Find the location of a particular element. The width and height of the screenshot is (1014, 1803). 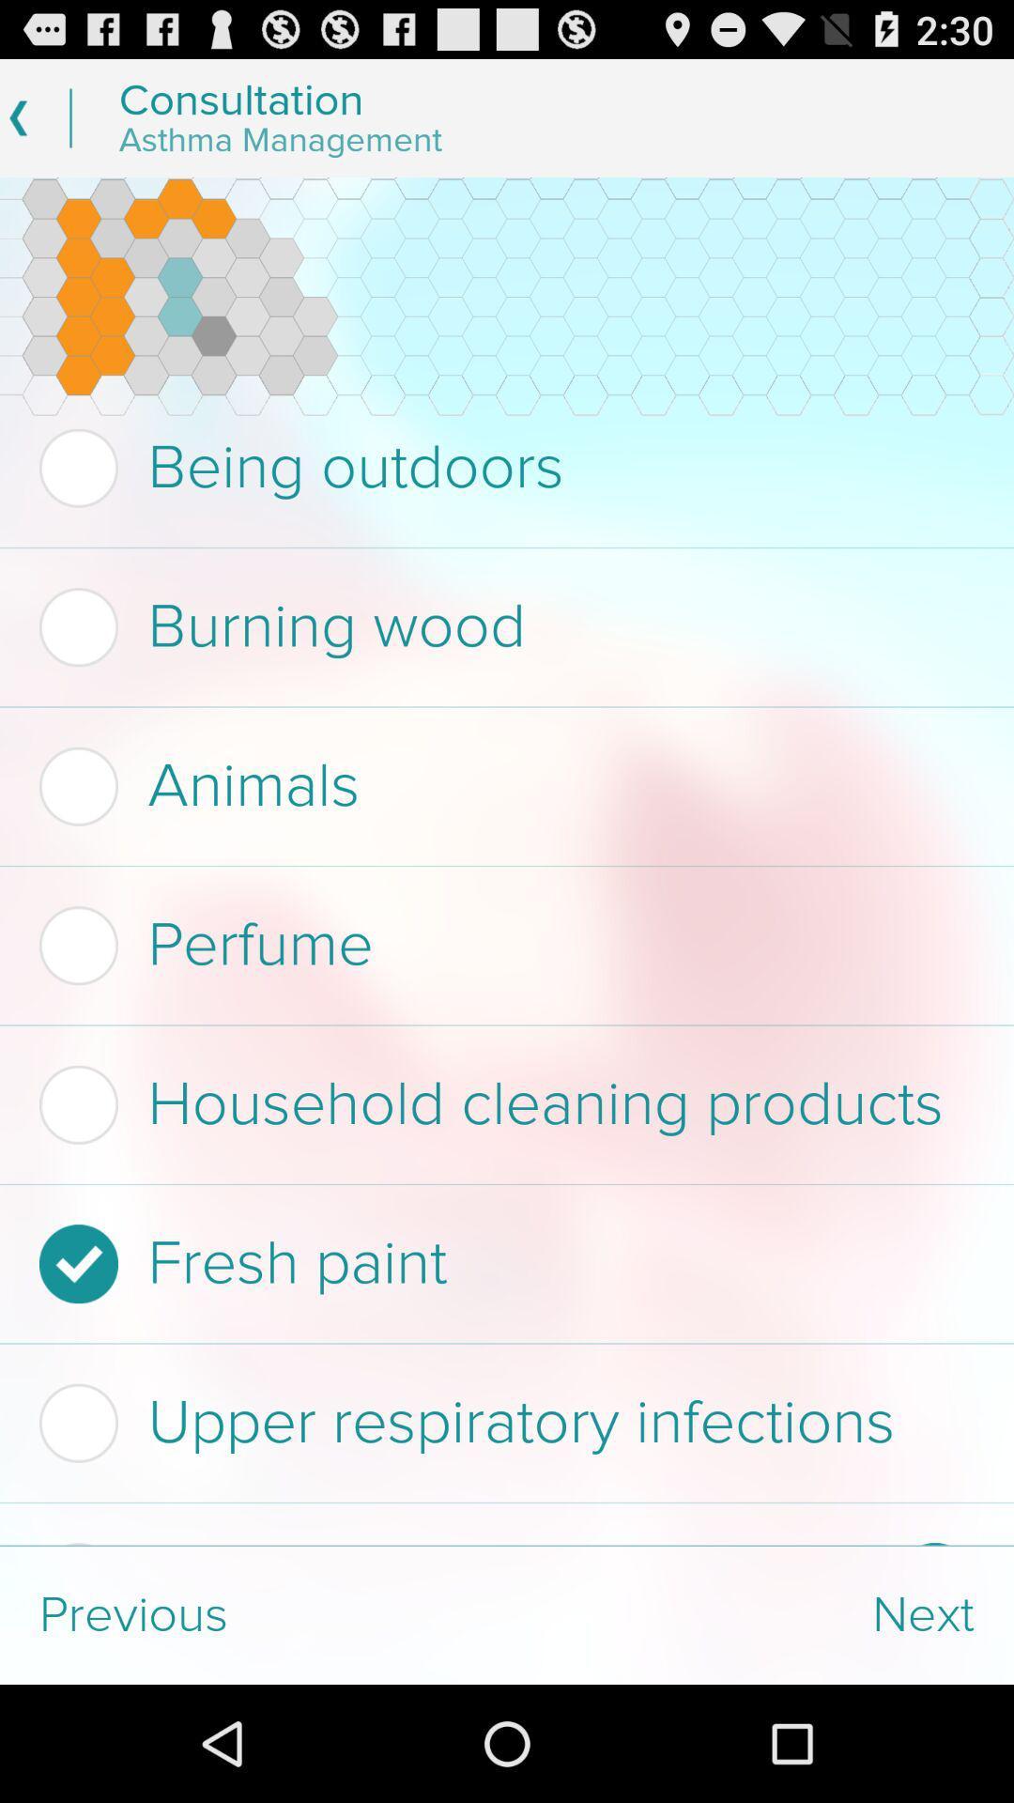

perfume item is located at coordinates (500, 946).